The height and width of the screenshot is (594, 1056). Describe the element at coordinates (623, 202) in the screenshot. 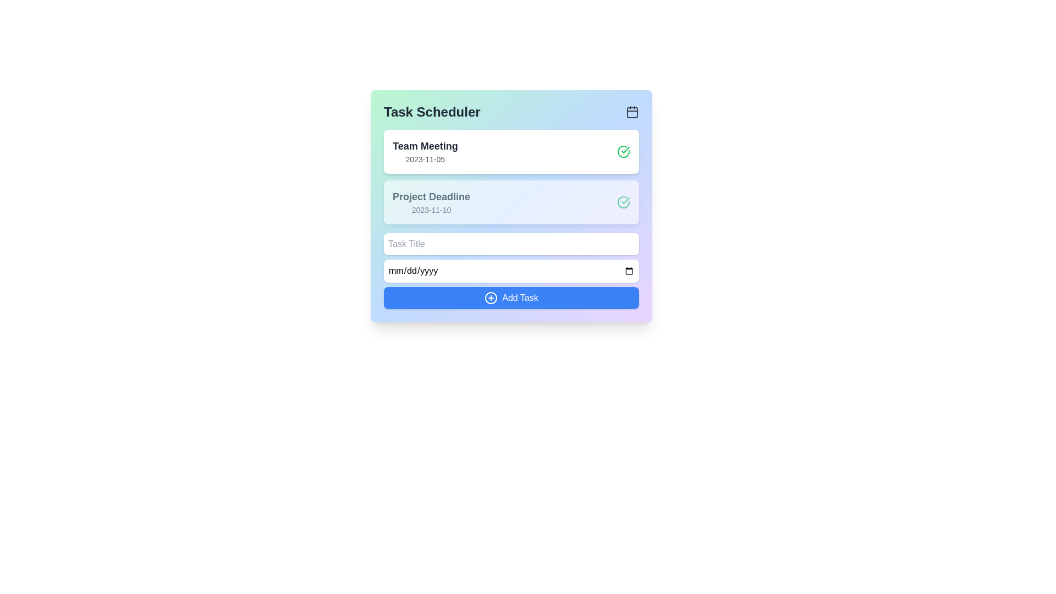

I see `the Icon button in the second card of the 'Project Deadline' list to change its appearance` at that location.